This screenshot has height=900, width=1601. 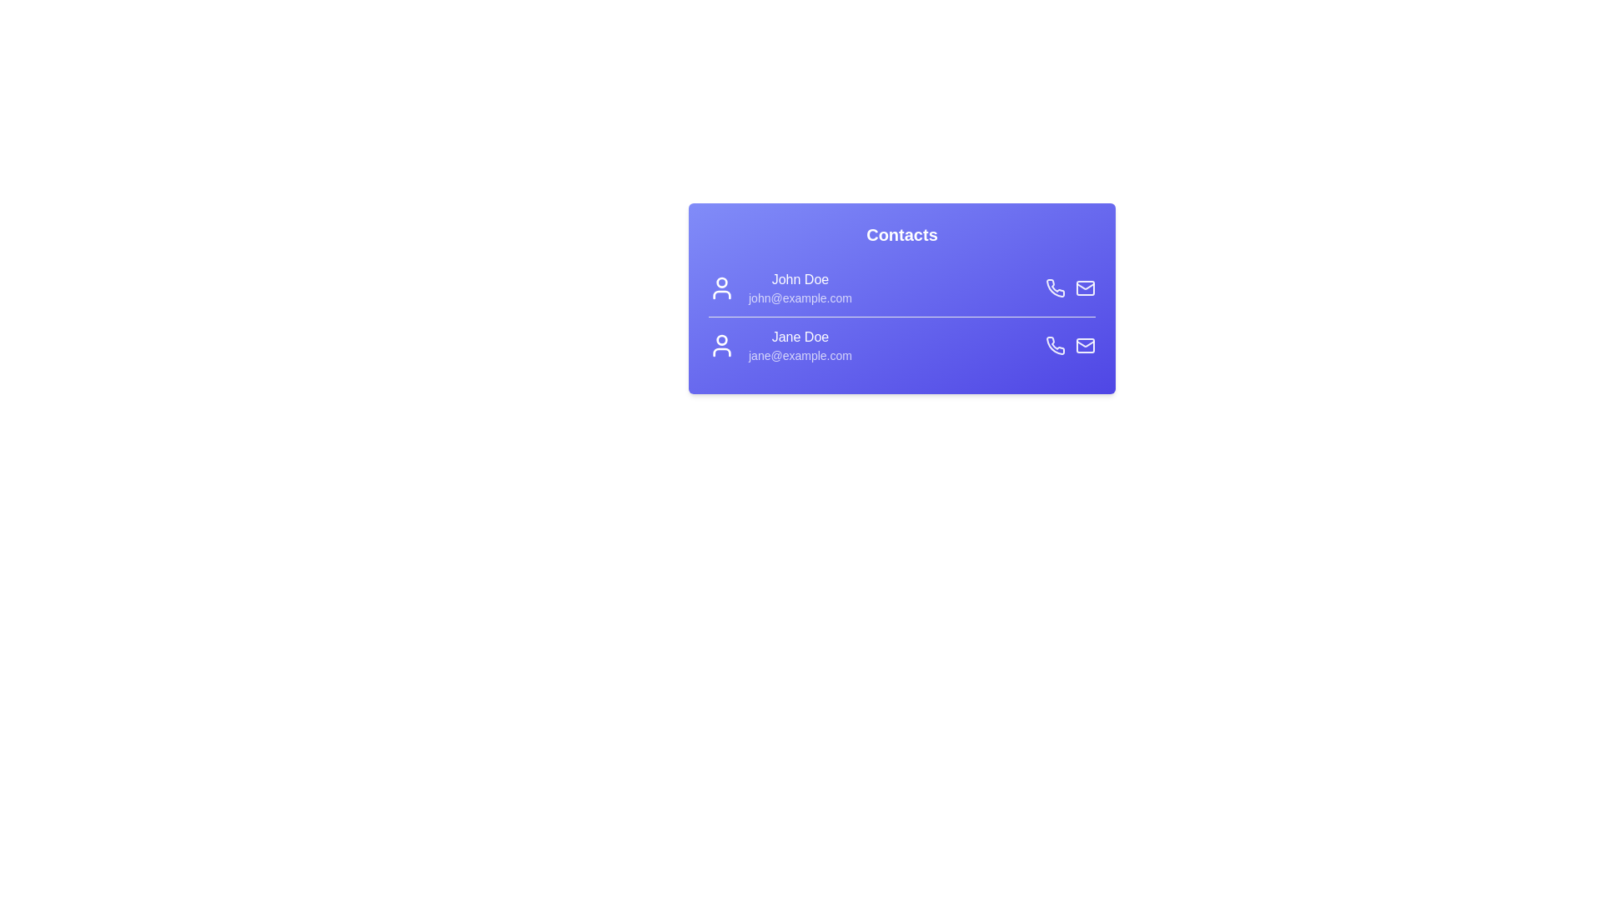 I want to click on the mail icon for Jane Doe to email them, so click(x=1085, y=345).